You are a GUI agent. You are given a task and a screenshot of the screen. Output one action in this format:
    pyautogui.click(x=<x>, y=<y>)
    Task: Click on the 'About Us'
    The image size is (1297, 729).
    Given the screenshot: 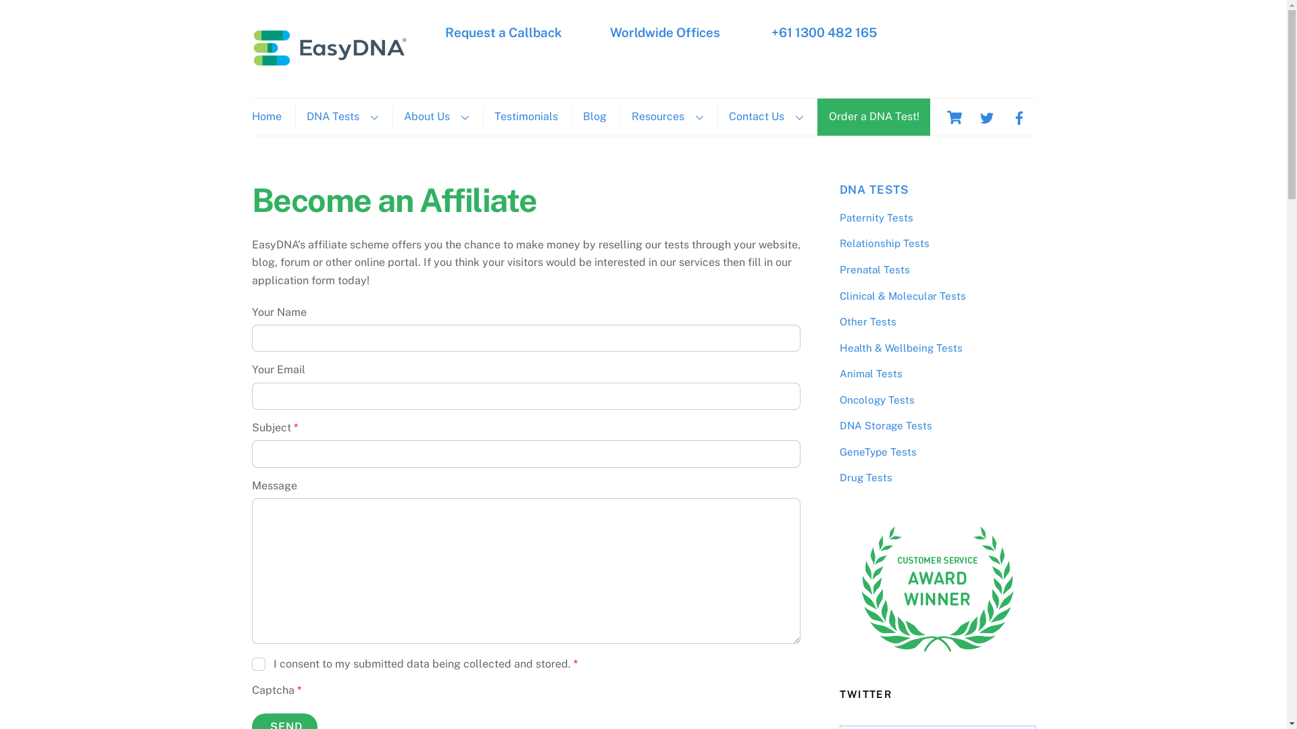 What is the action you would take?
    pyautogui.click(x=435, y=116)
    